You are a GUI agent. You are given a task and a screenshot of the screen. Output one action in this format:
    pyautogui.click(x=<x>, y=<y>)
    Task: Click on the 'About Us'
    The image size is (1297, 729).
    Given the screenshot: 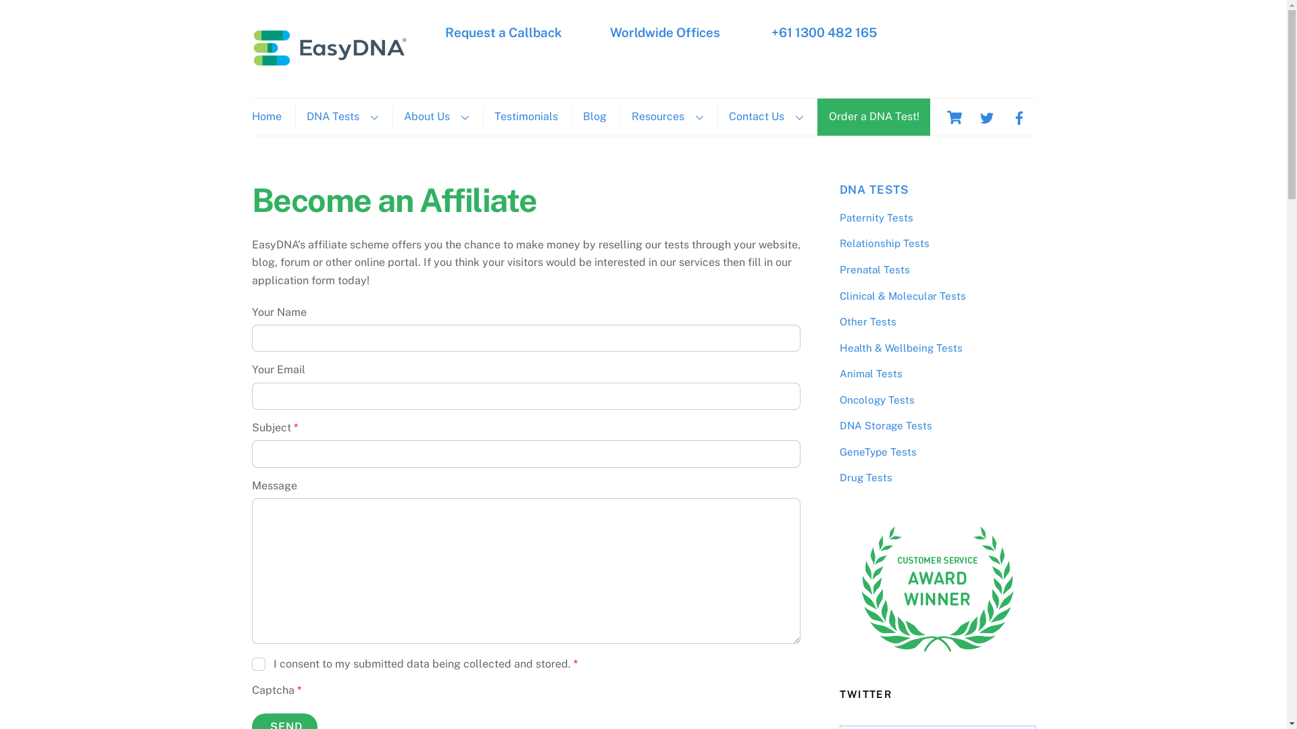 What is the action you would take?
    pyautogui.click(x=435, y=116)
    